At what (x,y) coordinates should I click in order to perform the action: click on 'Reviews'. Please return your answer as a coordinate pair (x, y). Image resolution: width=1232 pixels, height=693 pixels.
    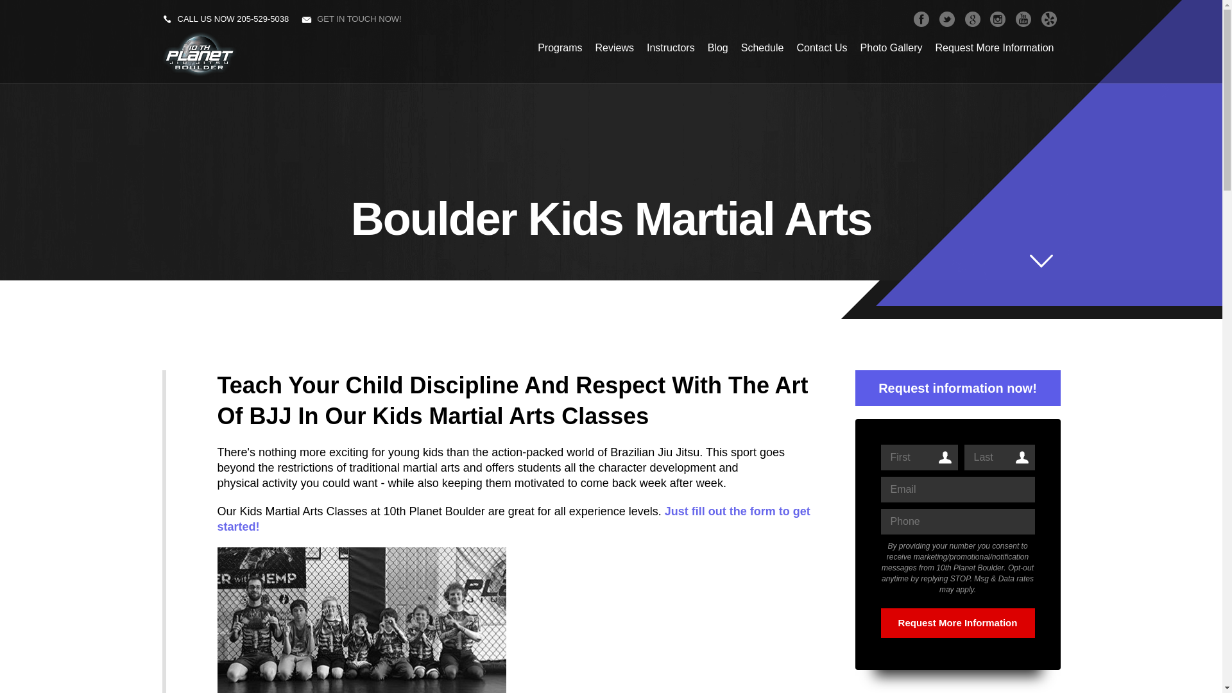
    Looking at the image, I should click on (590, 47).